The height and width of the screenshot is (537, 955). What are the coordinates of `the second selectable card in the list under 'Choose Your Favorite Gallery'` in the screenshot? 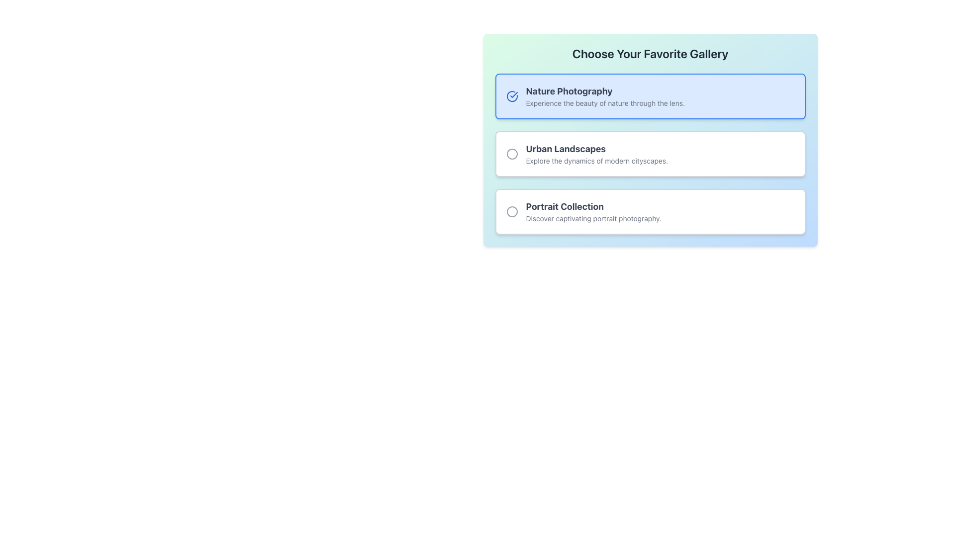 It's located at (650, 154).